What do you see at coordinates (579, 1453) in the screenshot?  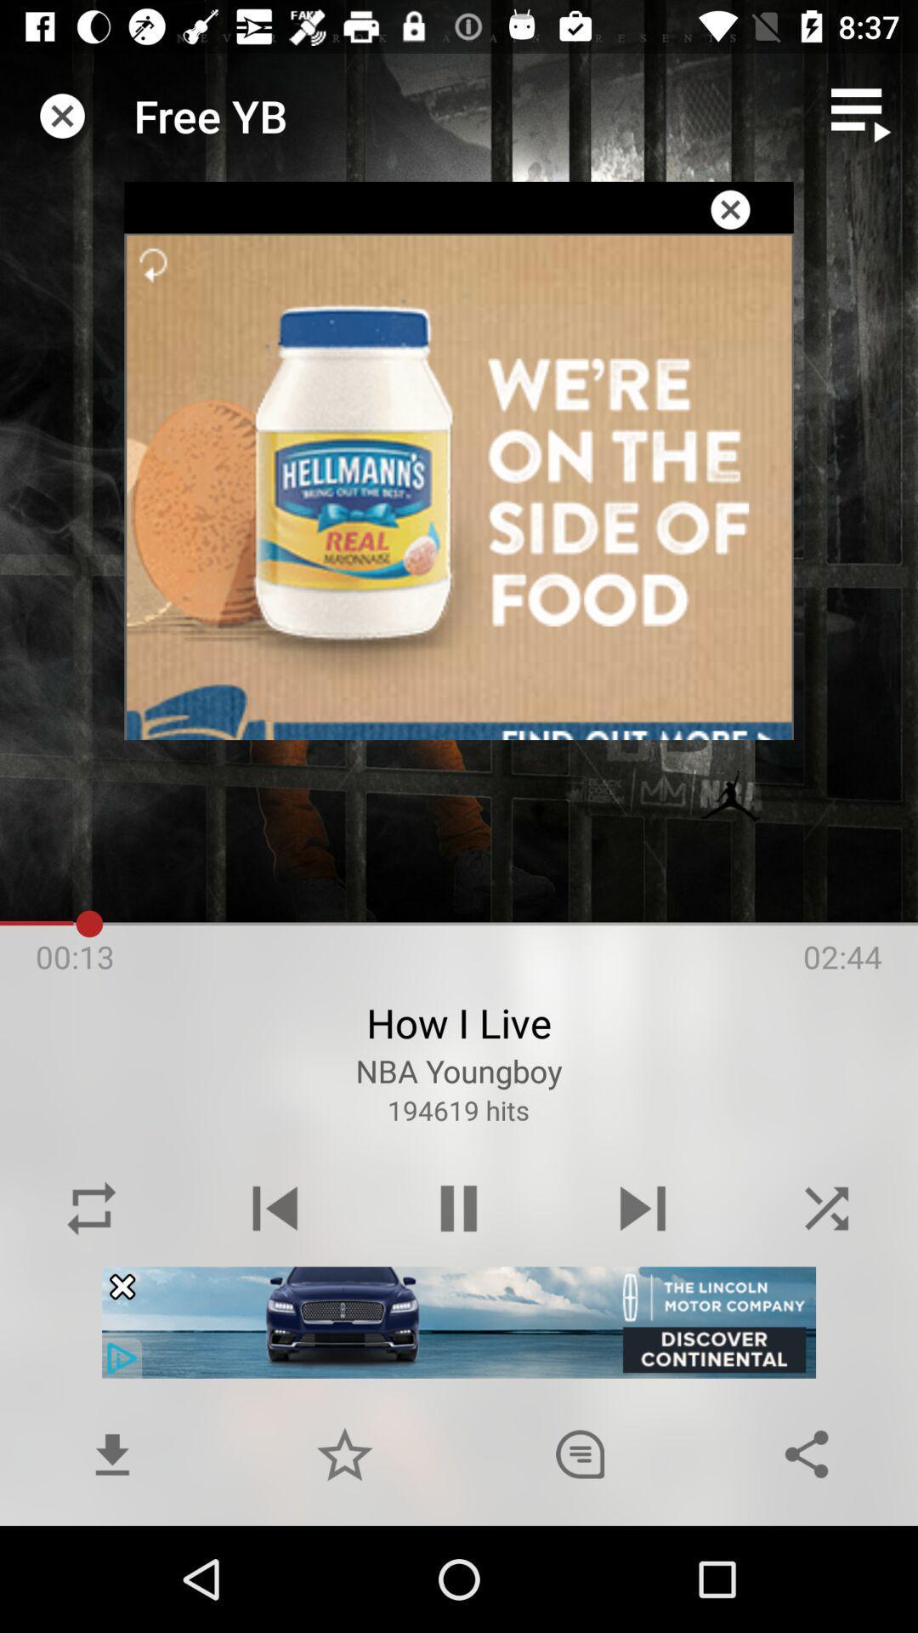 I see `the buttom which is left to the share button` at bounding box center [579, 1453].